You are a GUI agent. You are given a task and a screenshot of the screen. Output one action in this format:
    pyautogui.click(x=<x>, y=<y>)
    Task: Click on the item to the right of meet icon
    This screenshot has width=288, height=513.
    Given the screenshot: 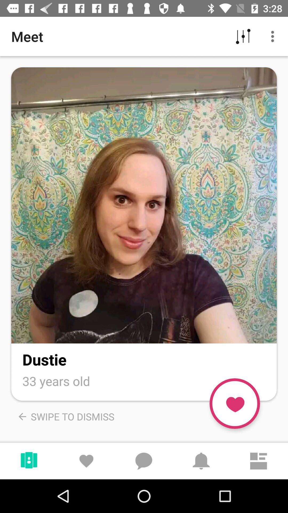 What is the action you would take?
    pyautogui.click(x=243, y=36)
    